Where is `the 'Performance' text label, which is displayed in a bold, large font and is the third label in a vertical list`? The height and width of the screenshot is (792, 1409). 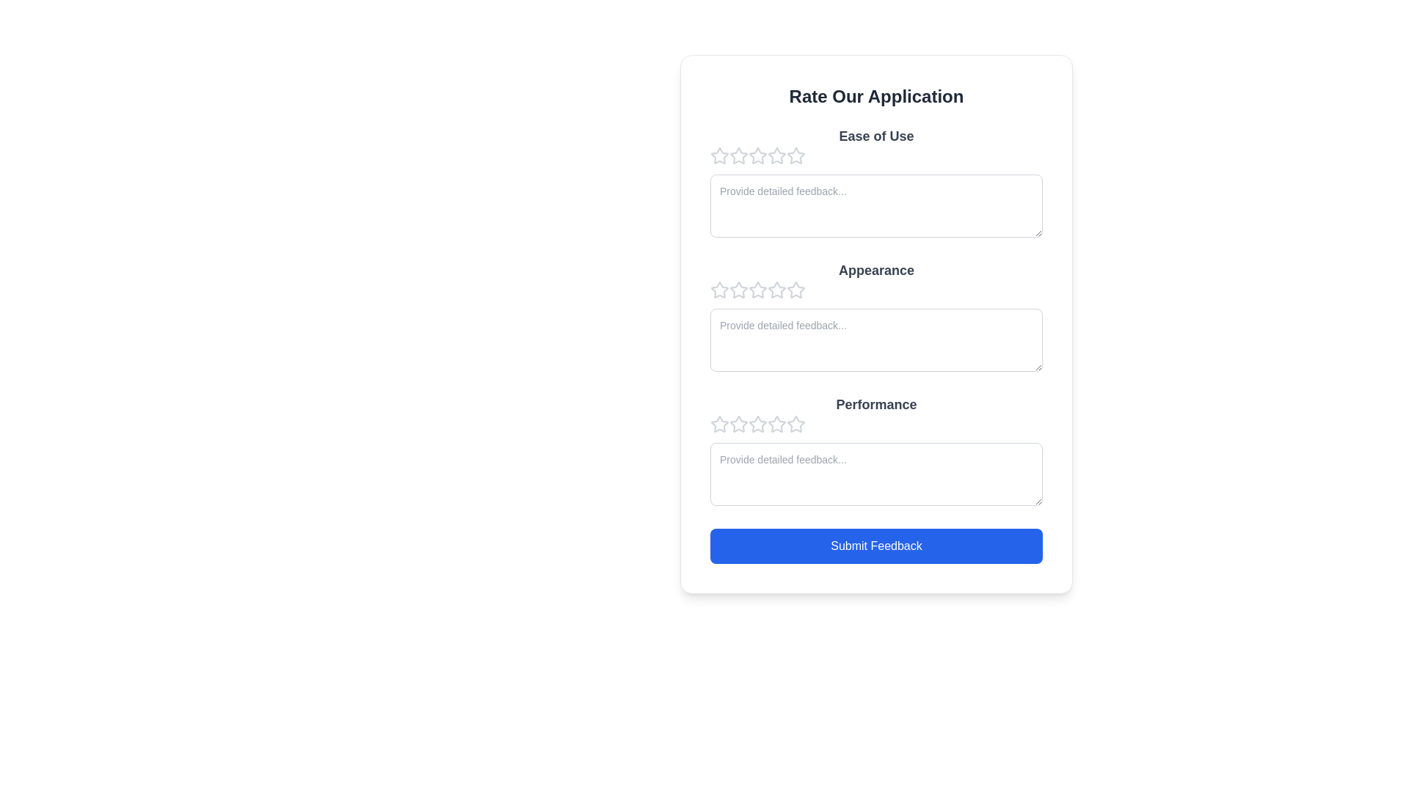
the 'Performance' text label, which is displayed in a bold, large font and is the third label in a vertical list is located at coordinates (876, 404).